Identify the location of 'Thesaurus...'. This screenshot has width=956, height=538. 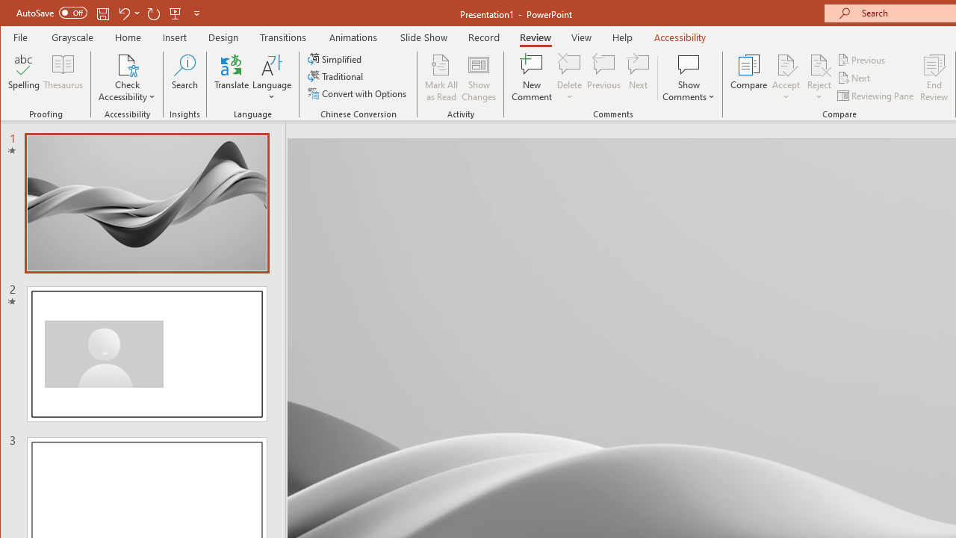
(63, 78).